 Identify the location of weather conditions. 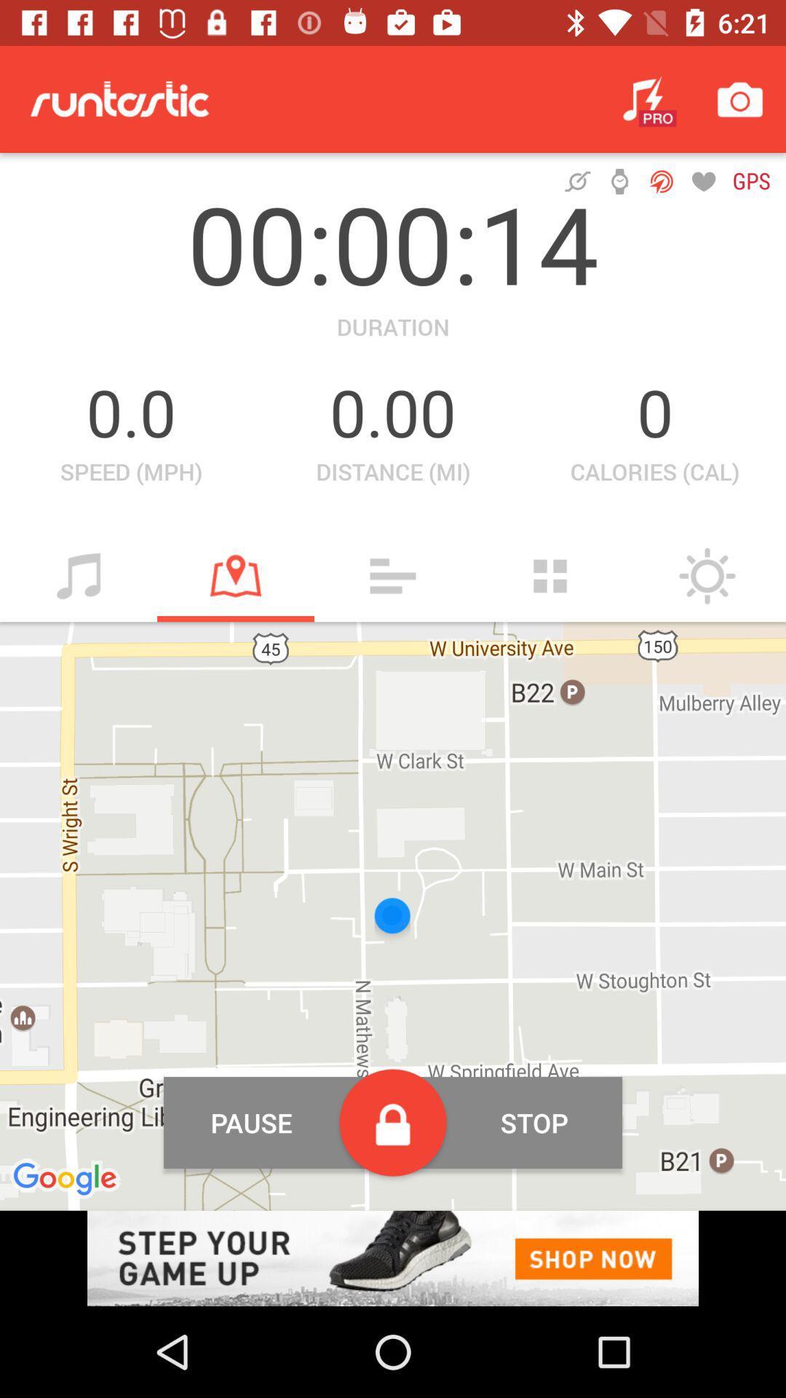
(707, 575).